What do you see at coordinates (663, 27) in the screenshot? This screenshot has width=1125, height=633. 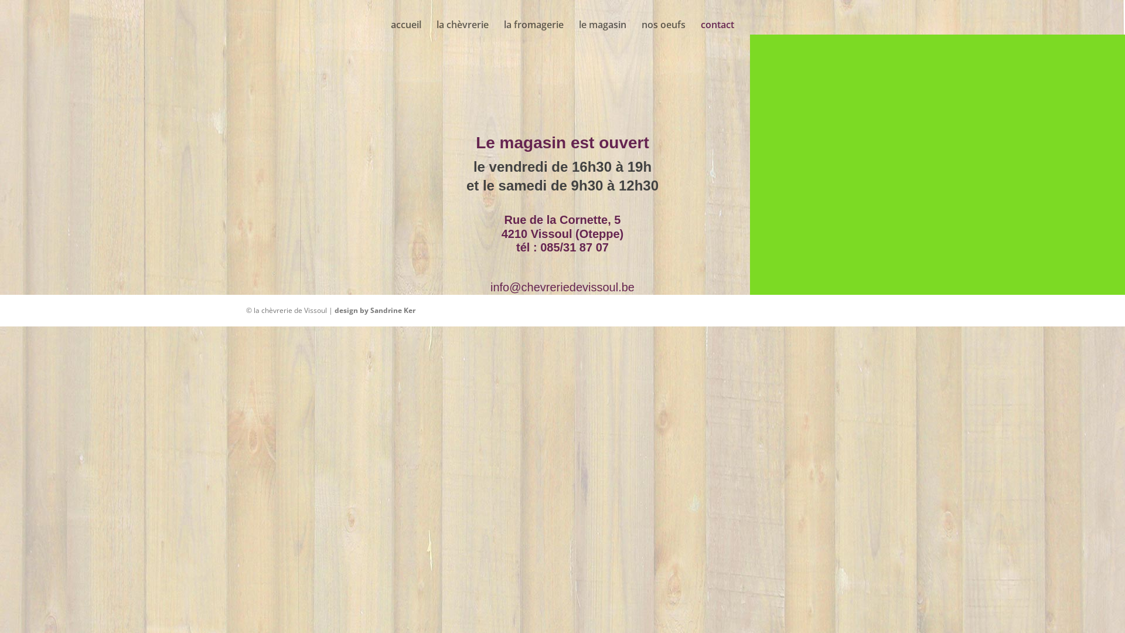 I see `'nos oeufs'` at bounding box center [663, 27].